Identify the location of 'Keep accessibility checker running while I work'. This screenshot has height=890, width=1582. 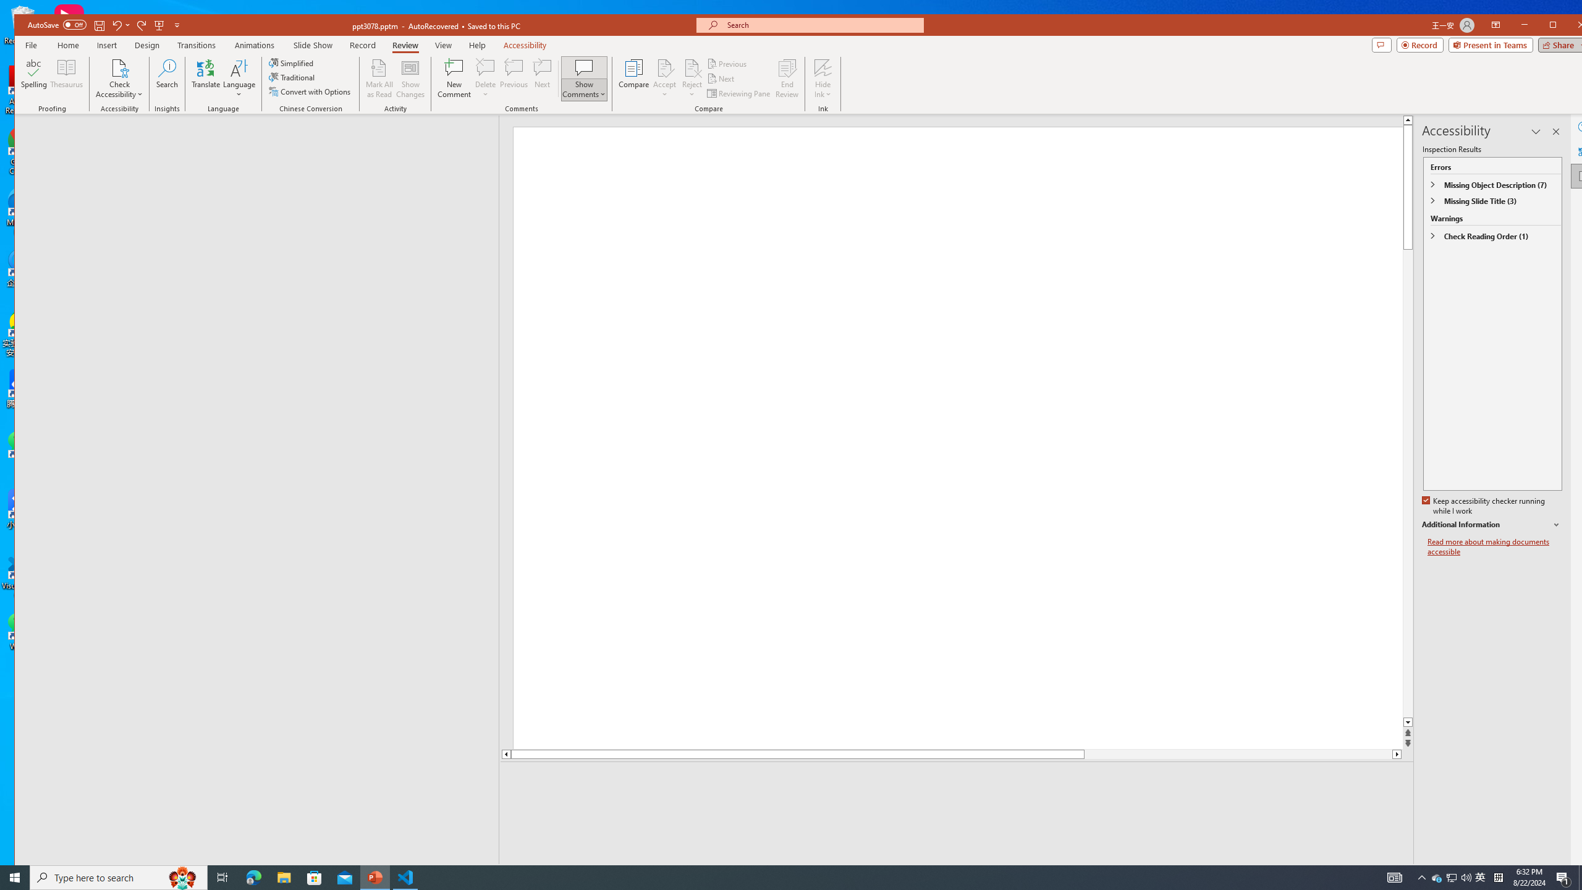
(1484, 506).